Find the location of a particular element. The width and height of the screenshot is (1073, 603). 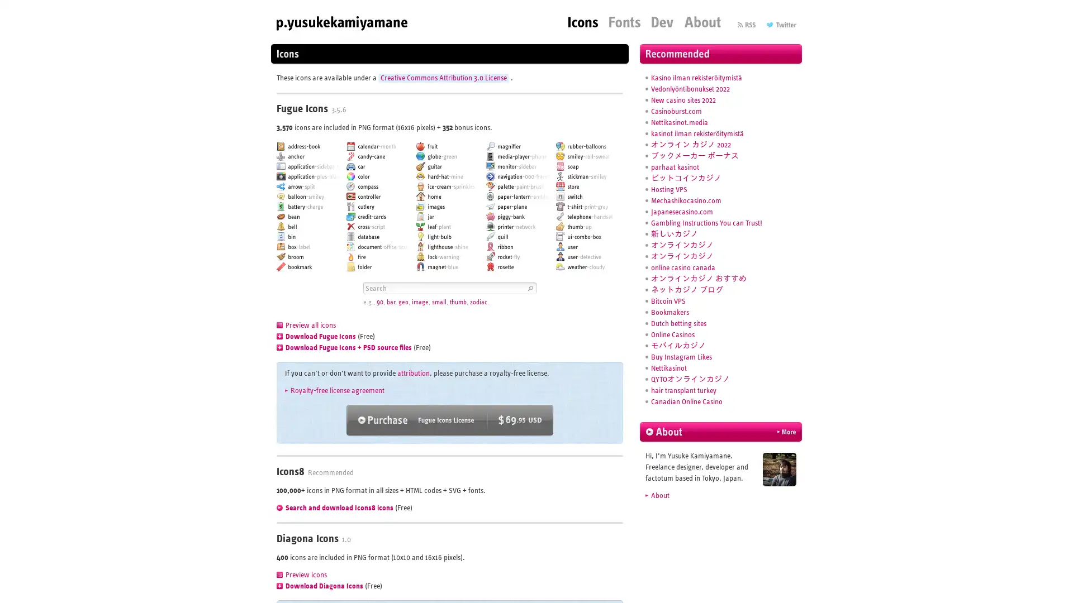

Purchase Fugue Icons ($69.95 USD) is located at coordinates (450, 420).